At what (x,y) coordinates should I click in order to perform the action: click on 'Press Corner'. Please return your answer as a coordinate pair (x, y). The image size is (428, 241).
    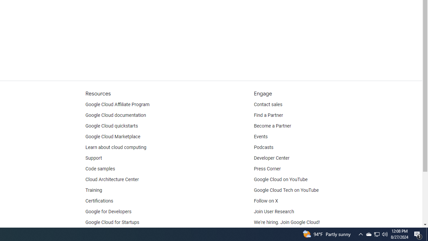
    Looking at the image, I should click on (267, 169).